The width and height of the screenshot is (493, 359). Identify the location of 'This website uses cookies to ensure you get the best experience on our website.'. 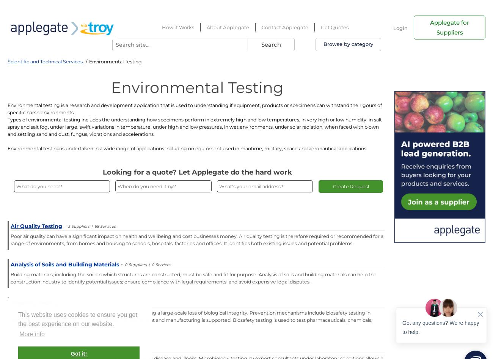
(77, 319).